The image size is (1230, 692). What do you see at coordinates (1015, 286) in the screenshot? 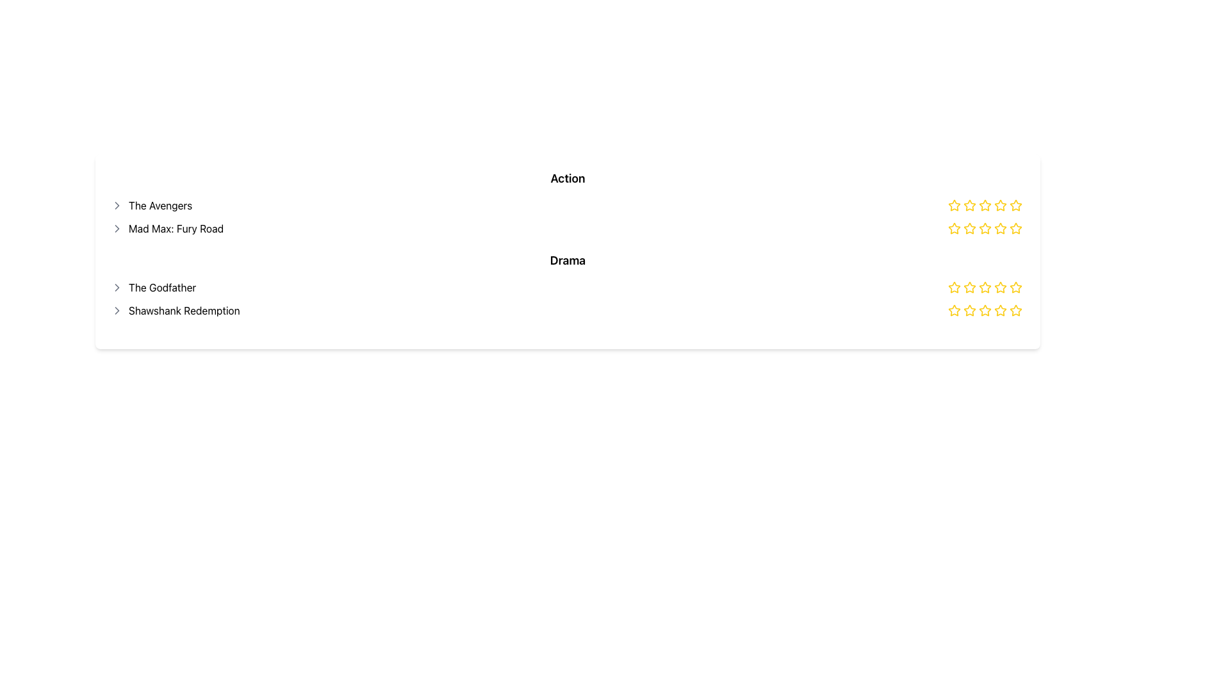
I see `the third star in the star rating component` at bounding box center [1015, 286].